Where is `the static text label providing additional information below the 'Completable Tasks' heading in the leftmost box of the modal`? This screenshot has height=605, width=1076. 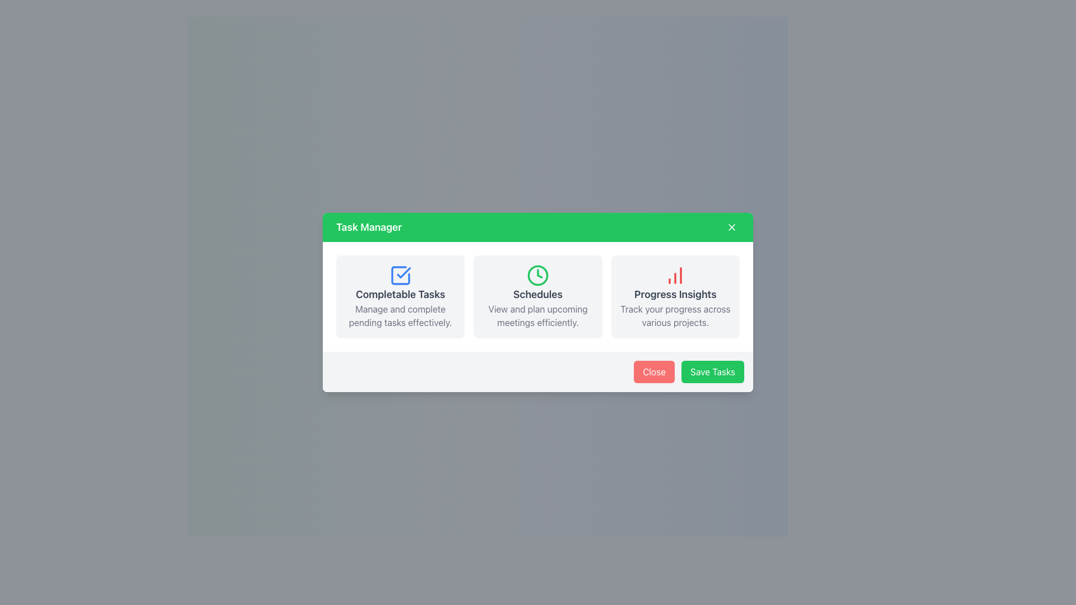 the static text label providing additional information below the 'Completable Tasks' heading in the leftmost box of the modal is located at coordinates (400, 315).